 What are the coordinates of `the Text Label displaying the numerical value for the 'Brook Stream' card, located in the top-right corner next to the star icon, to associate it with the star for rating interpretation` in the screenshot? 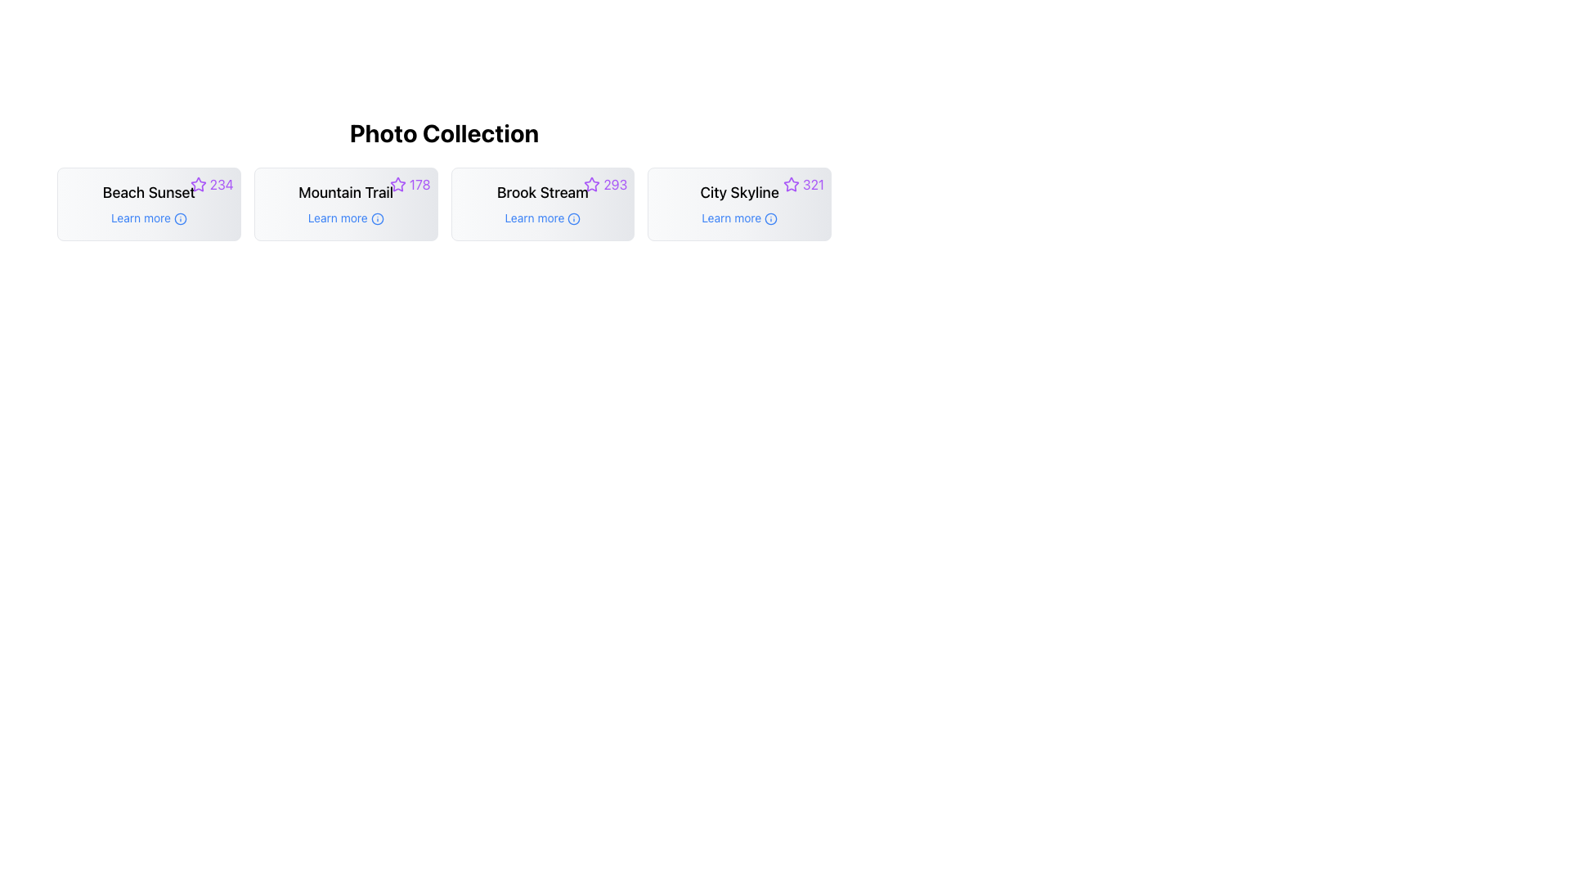 It's located at (604, 184).